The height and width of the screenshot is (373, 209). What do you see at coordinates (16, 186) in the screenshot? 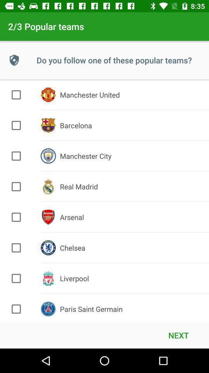
I see `check box left to real madrid` at bounding box center [16, 186].